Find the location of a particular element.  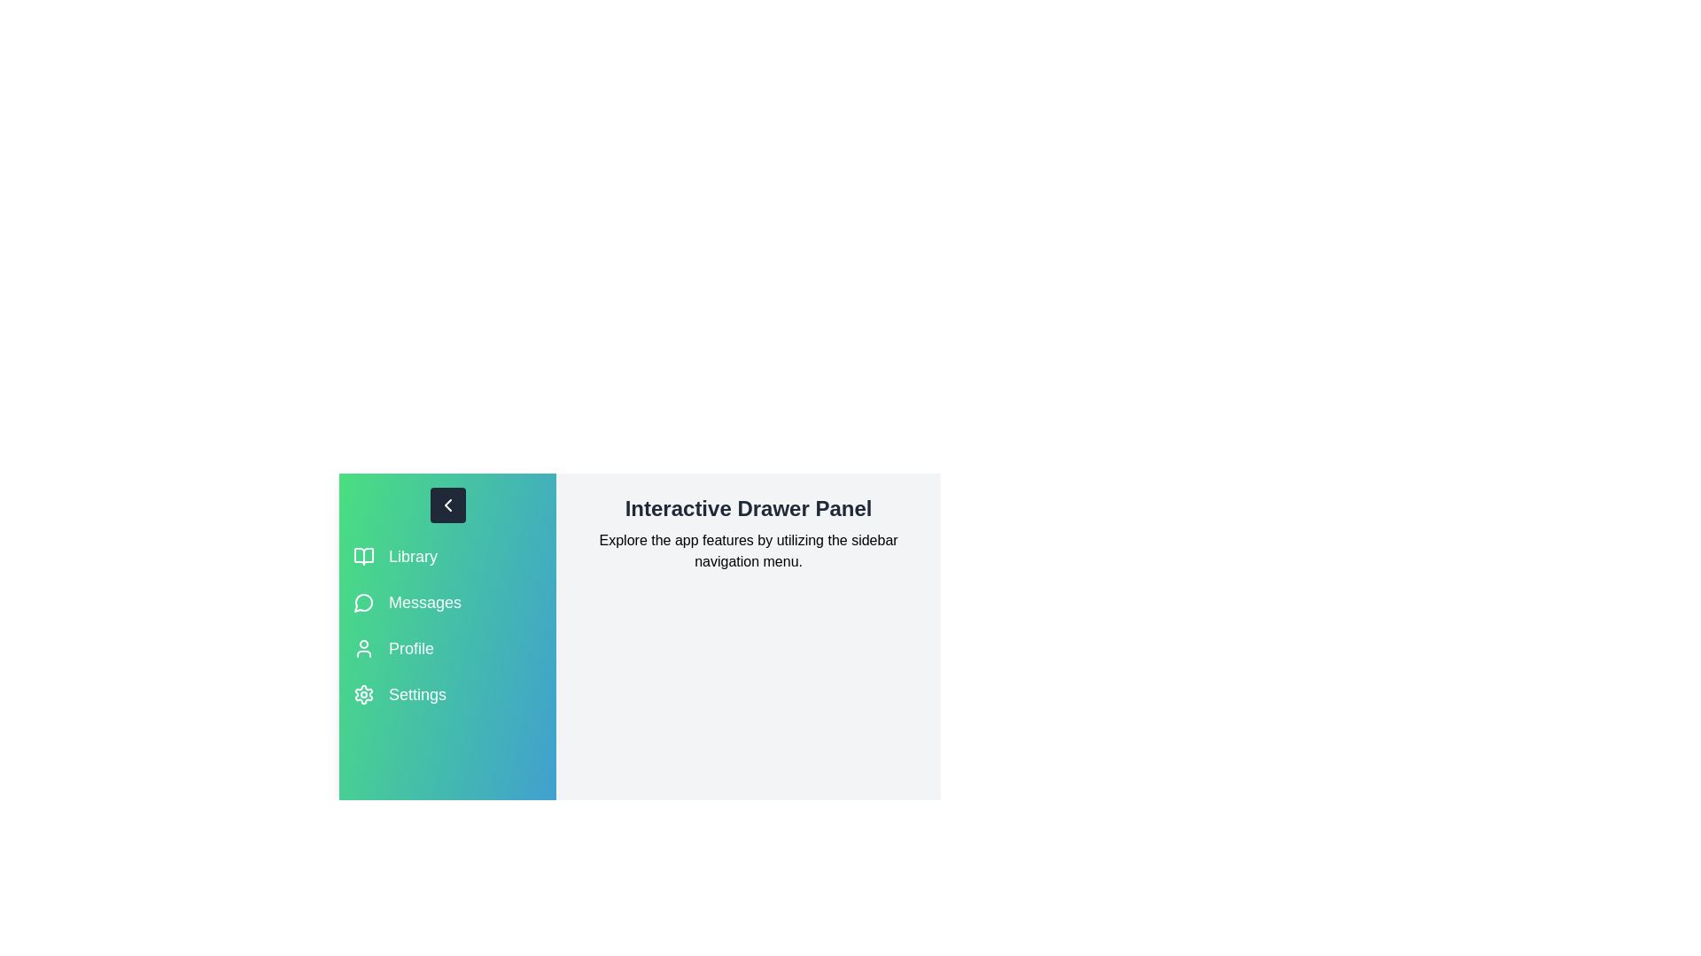

the Profile section in the sidebar is located at coordinates (447, 648).